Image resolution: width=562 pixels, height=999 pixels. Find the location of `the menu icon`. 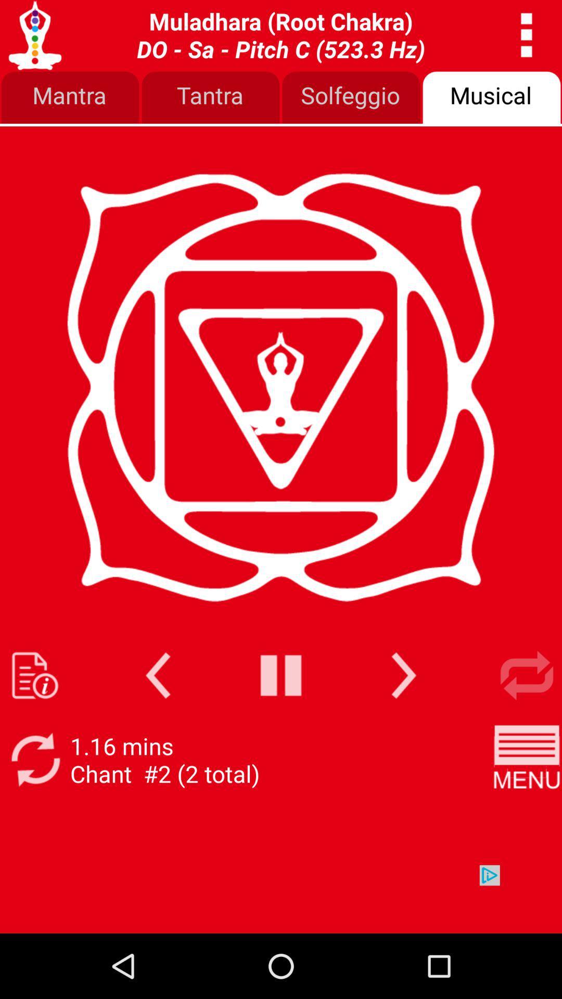

the menu icon is located at coordinates (527, 812).